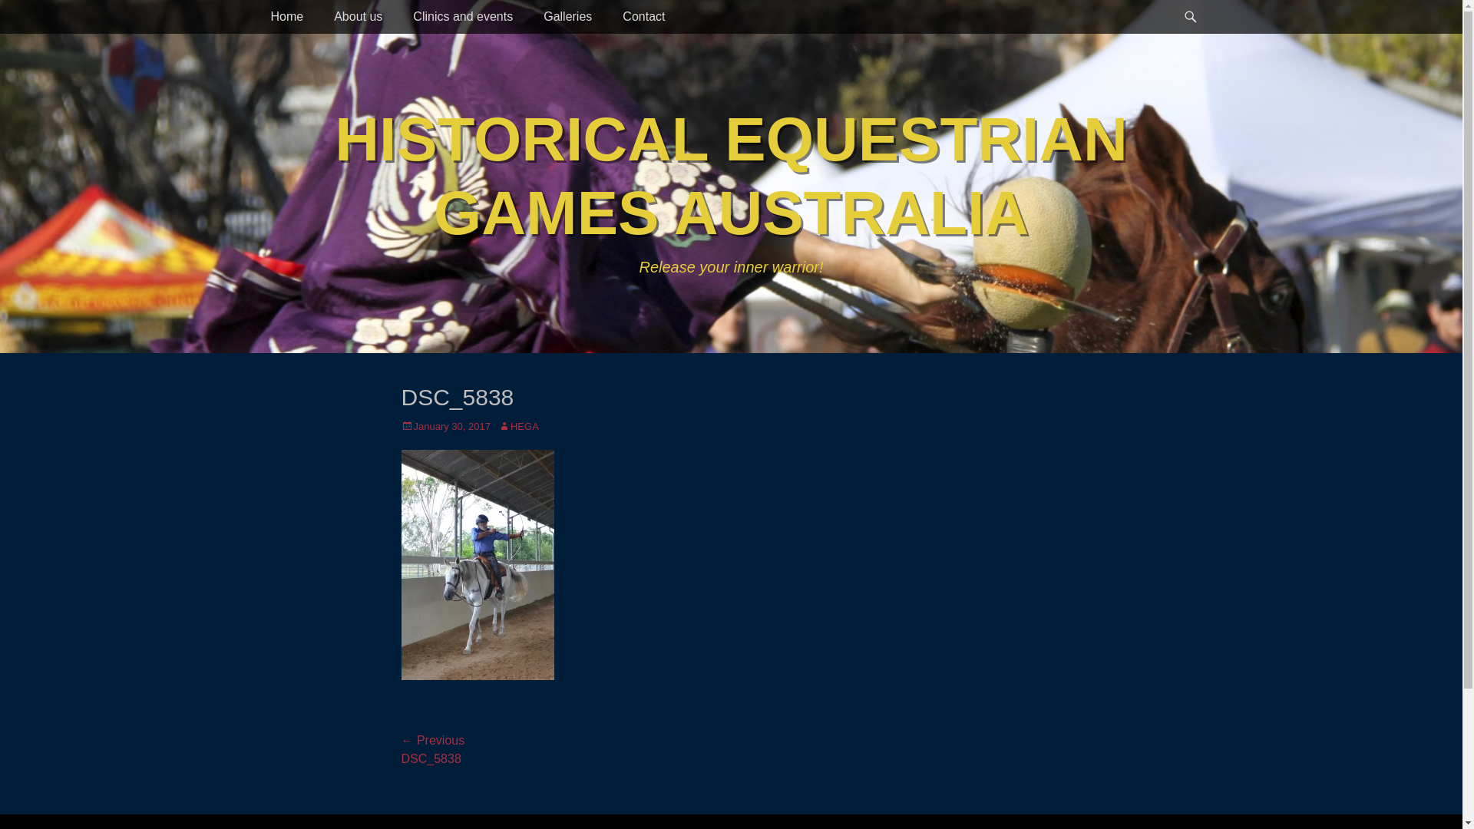 This screenshot has width=1474, height=829. I want to click on 'January 30, 2017', so click(445, 426).